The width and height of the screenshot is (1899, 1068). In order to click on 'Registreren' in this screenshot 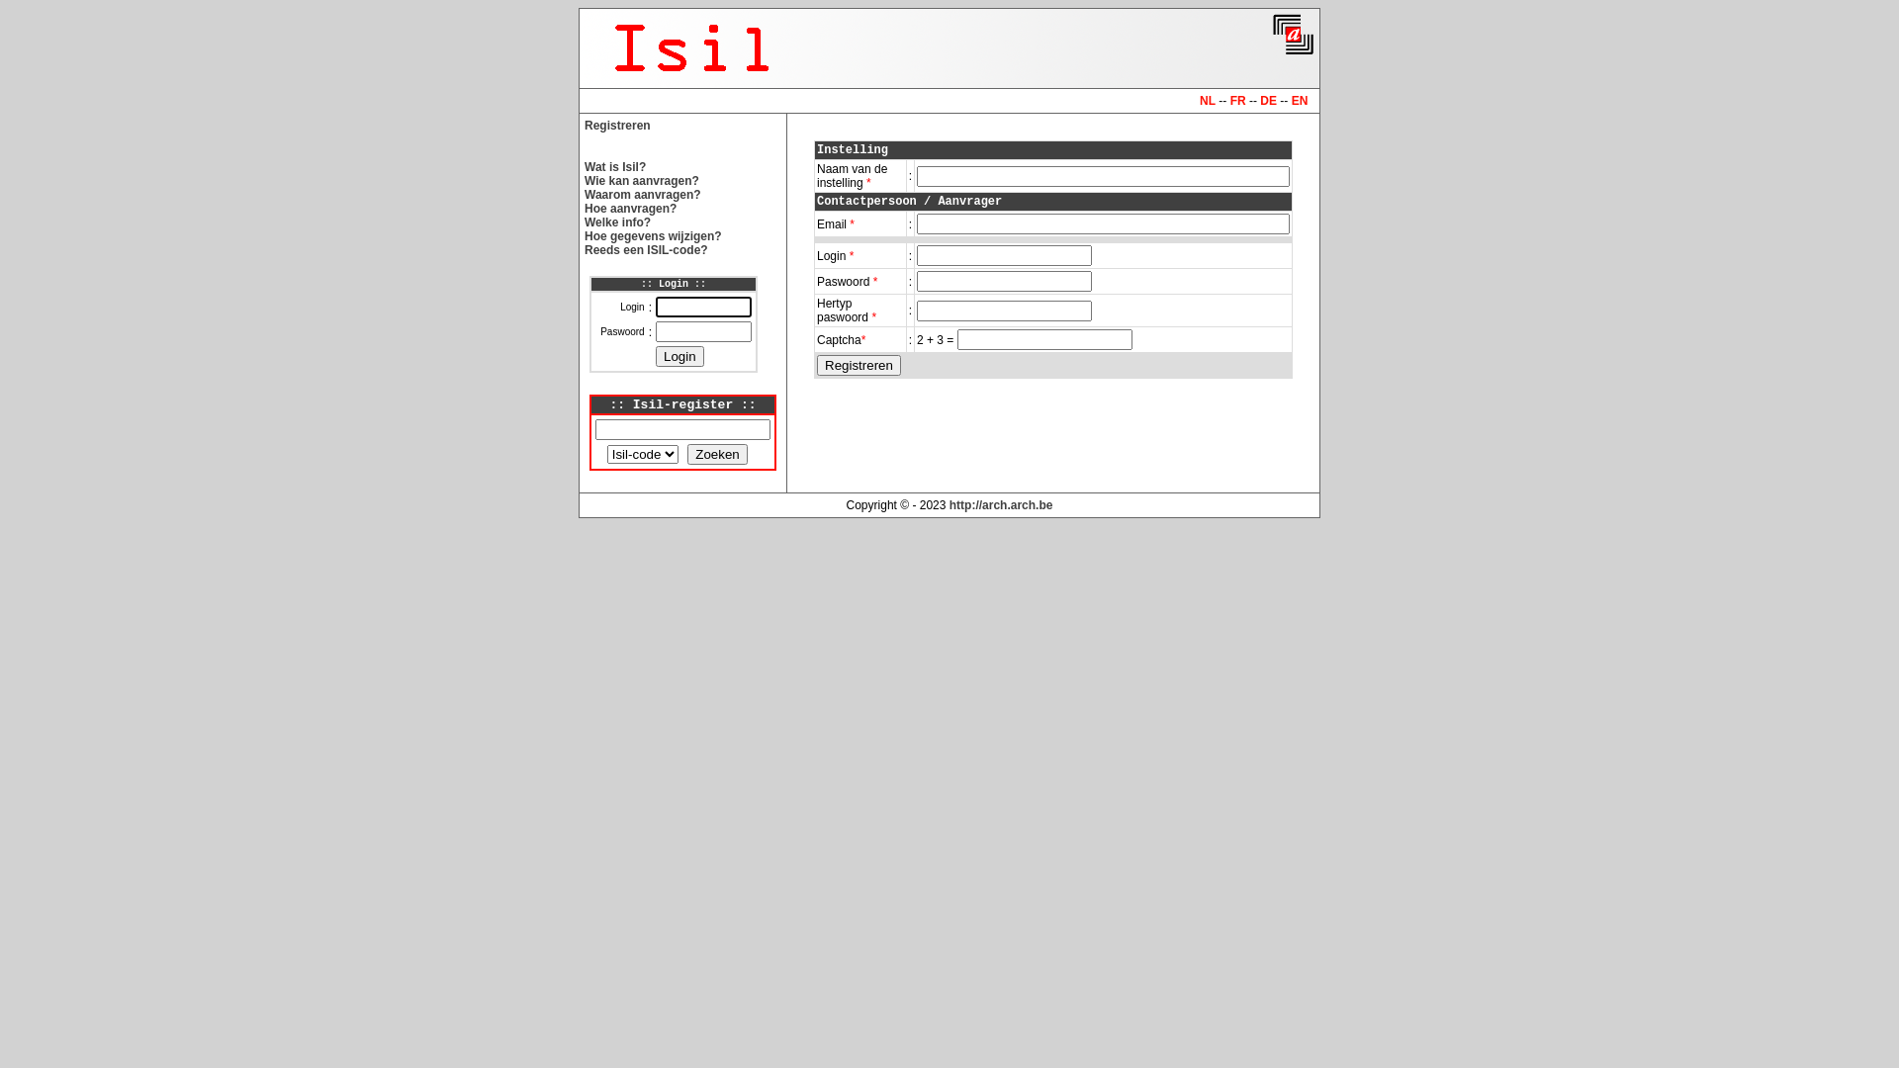, I will do `click(616, 126)`.